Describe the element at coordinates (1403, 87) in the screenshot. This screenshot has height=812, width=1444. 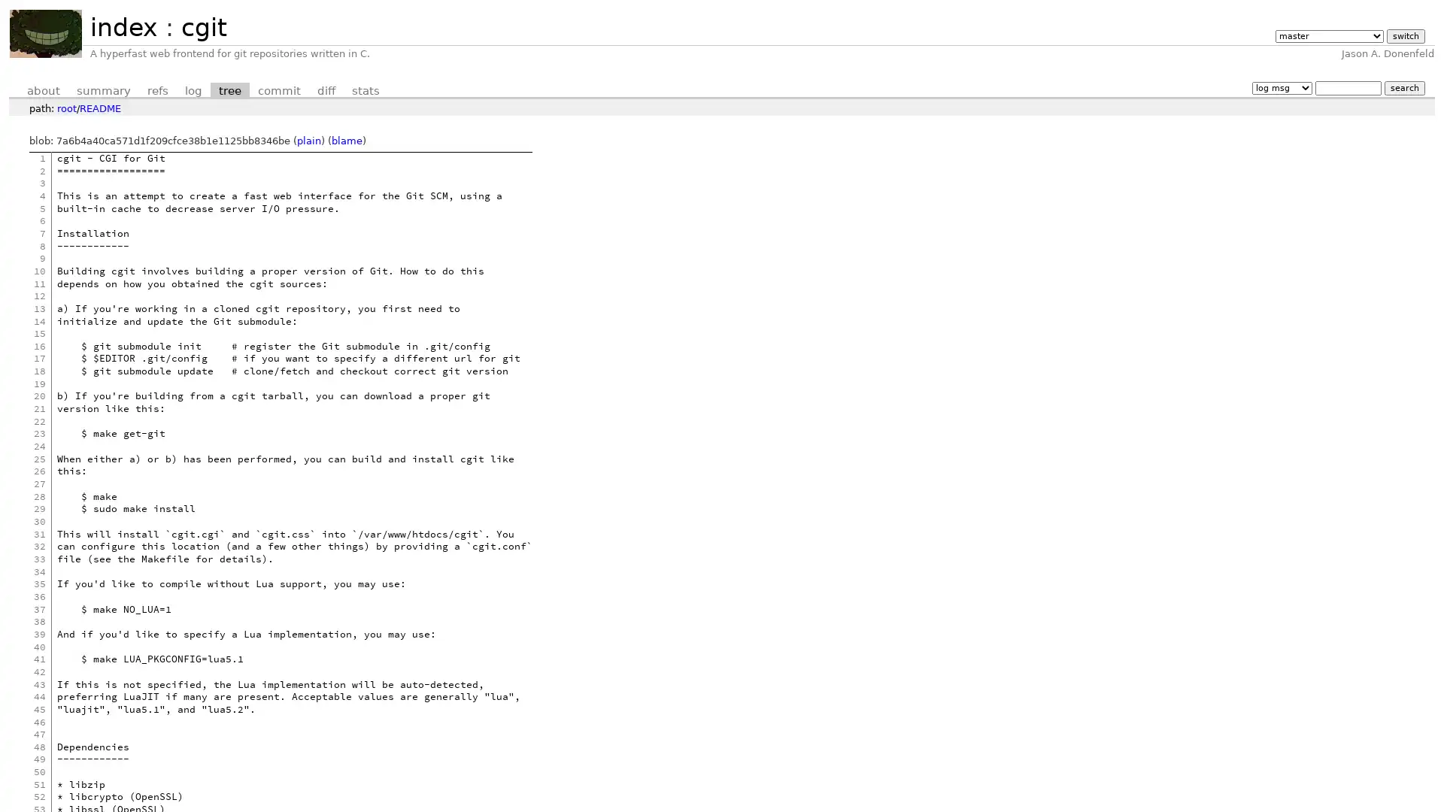
I see `search` at that location.